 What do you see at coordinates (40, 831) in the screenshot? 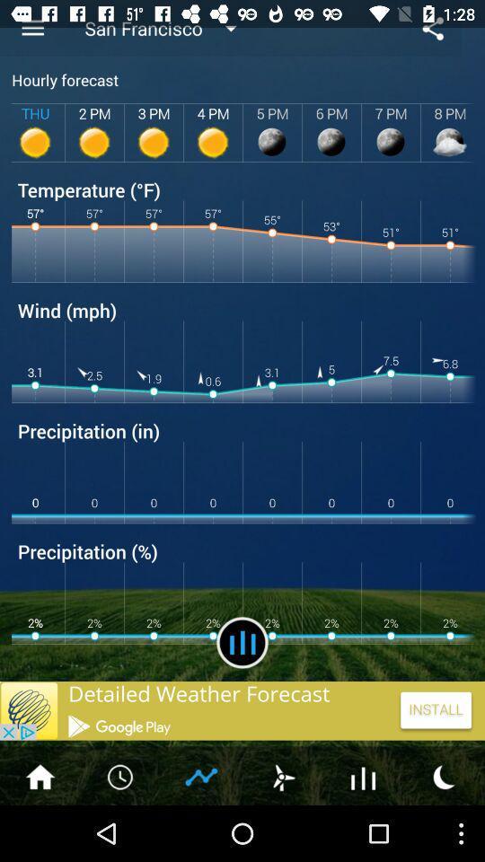
I see `the home icon` at bounding box center [40, 831].